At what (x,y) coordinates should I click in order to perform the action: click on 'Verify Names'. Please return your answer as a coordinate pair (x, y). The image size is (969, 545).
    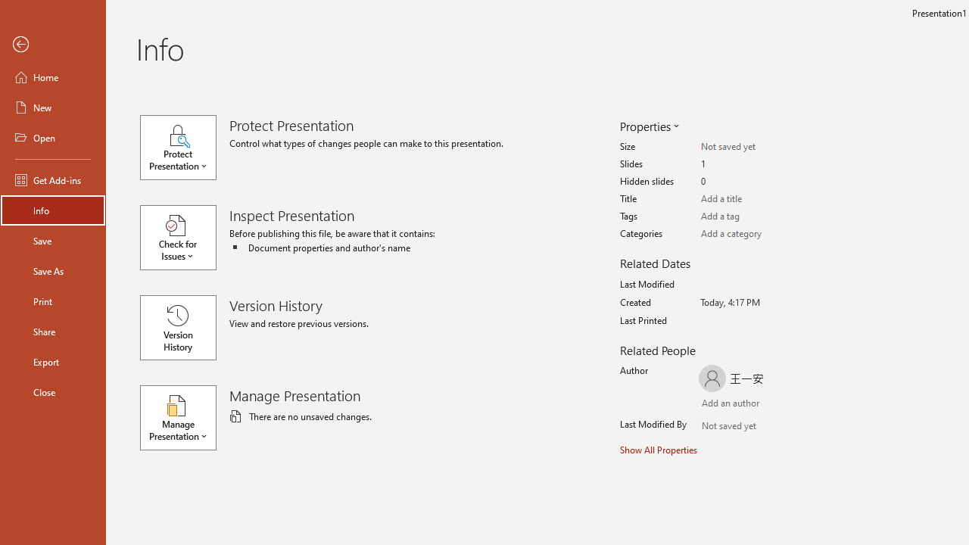
    Looking at the image, I should click on (745, 428).